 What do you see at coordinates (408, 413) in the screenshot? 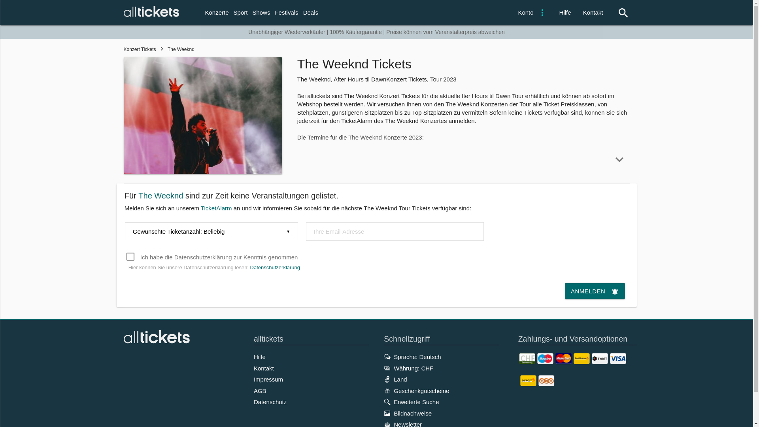
I see `'Bildnachweise'` at bounding box center [408, 413].